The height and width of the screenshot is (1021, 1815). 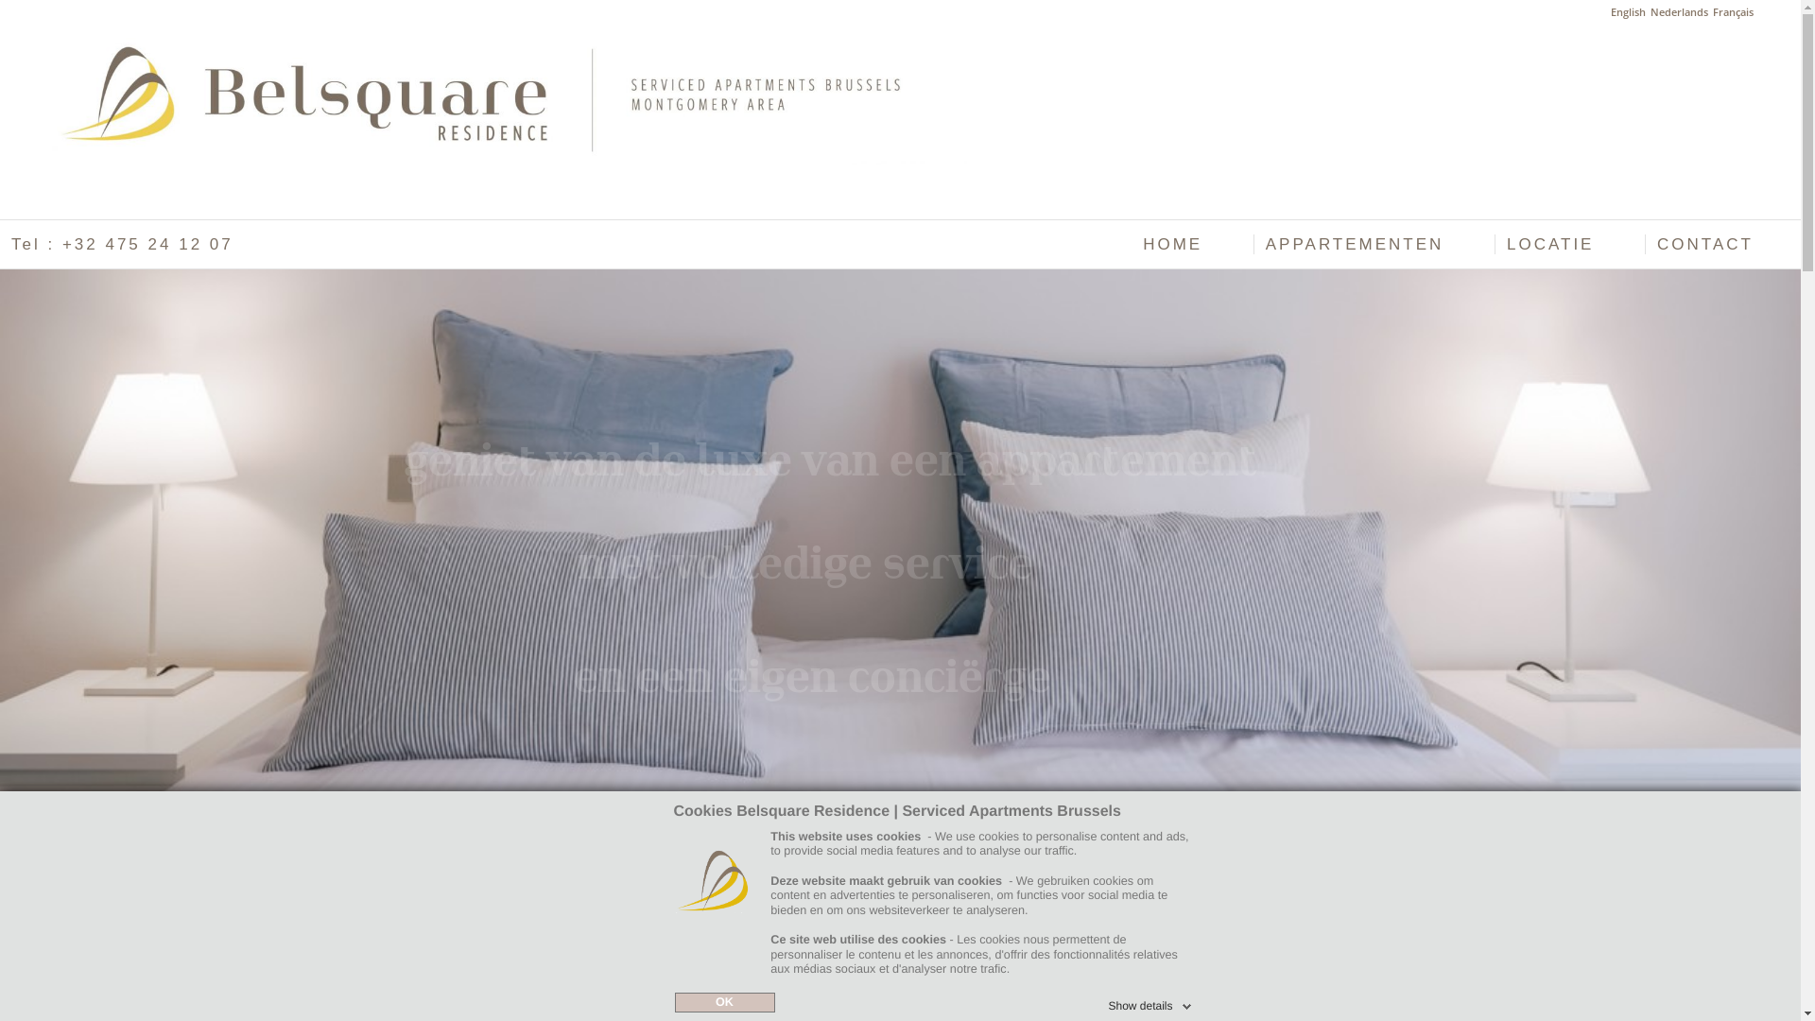 What do you see at coordinates (675, 1001) in the screenshot?
I see `'OK'` at bounding box center [675, 1001].